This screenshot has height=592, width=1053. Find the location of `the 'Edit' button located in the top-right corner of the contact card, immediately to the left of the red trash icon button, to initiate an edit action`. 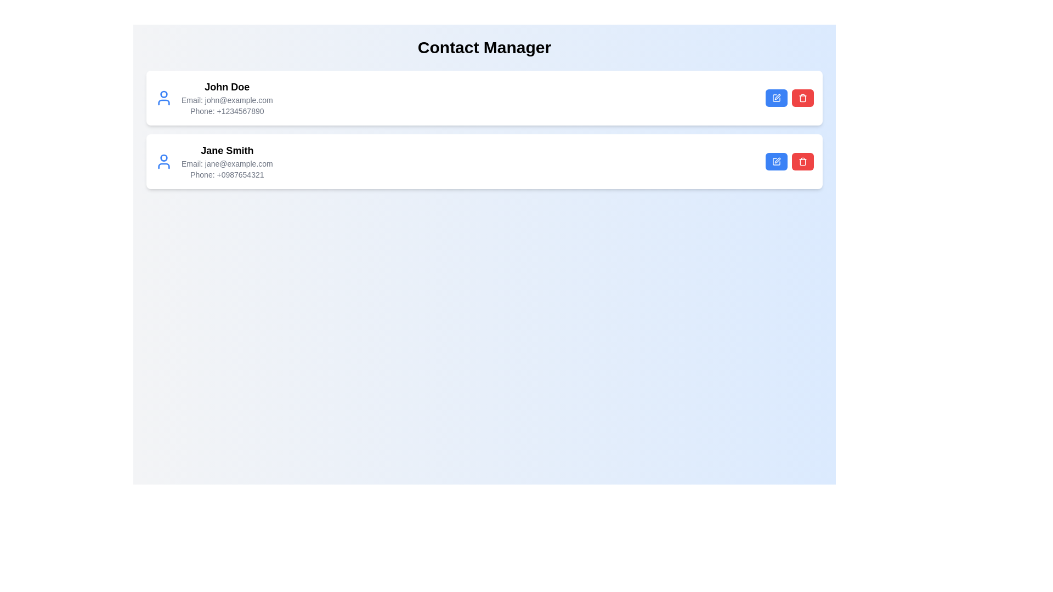

the 'Edit' button located in the top-right corner of the contact card, immediately to the left of the red trash icon button, to initiate an edit action is located at coordinates (776, 97).